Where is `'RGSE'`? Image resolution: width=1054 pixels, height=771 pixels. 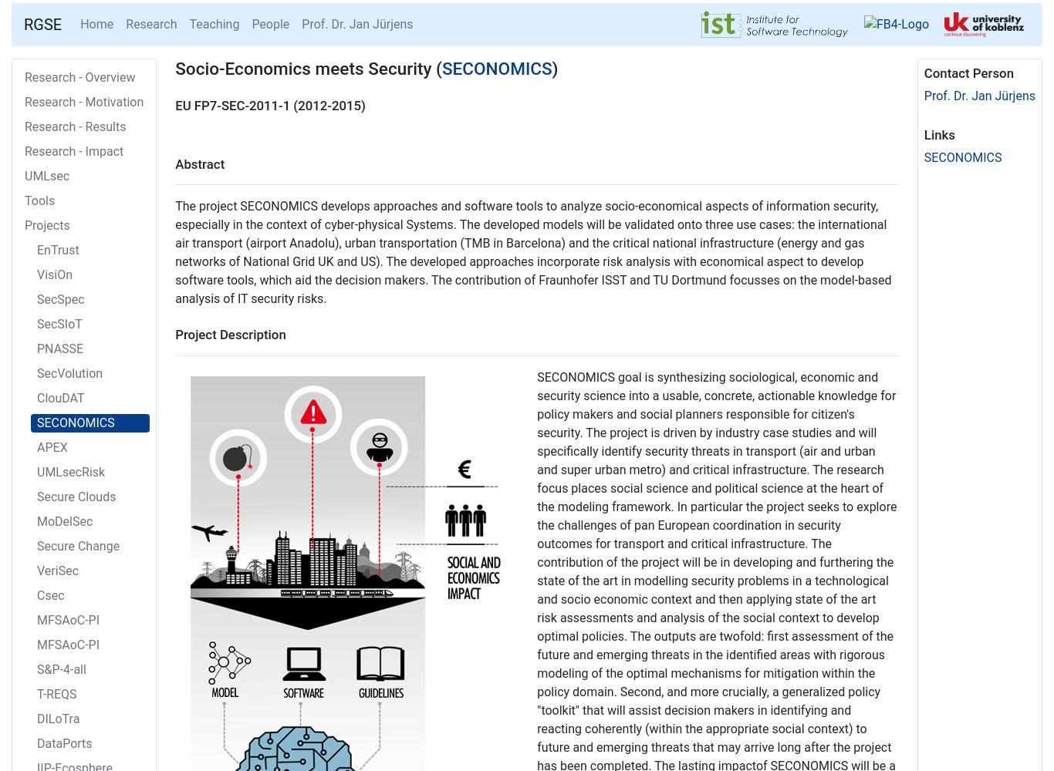 'RGSE' is located at coordinates (42, 25).